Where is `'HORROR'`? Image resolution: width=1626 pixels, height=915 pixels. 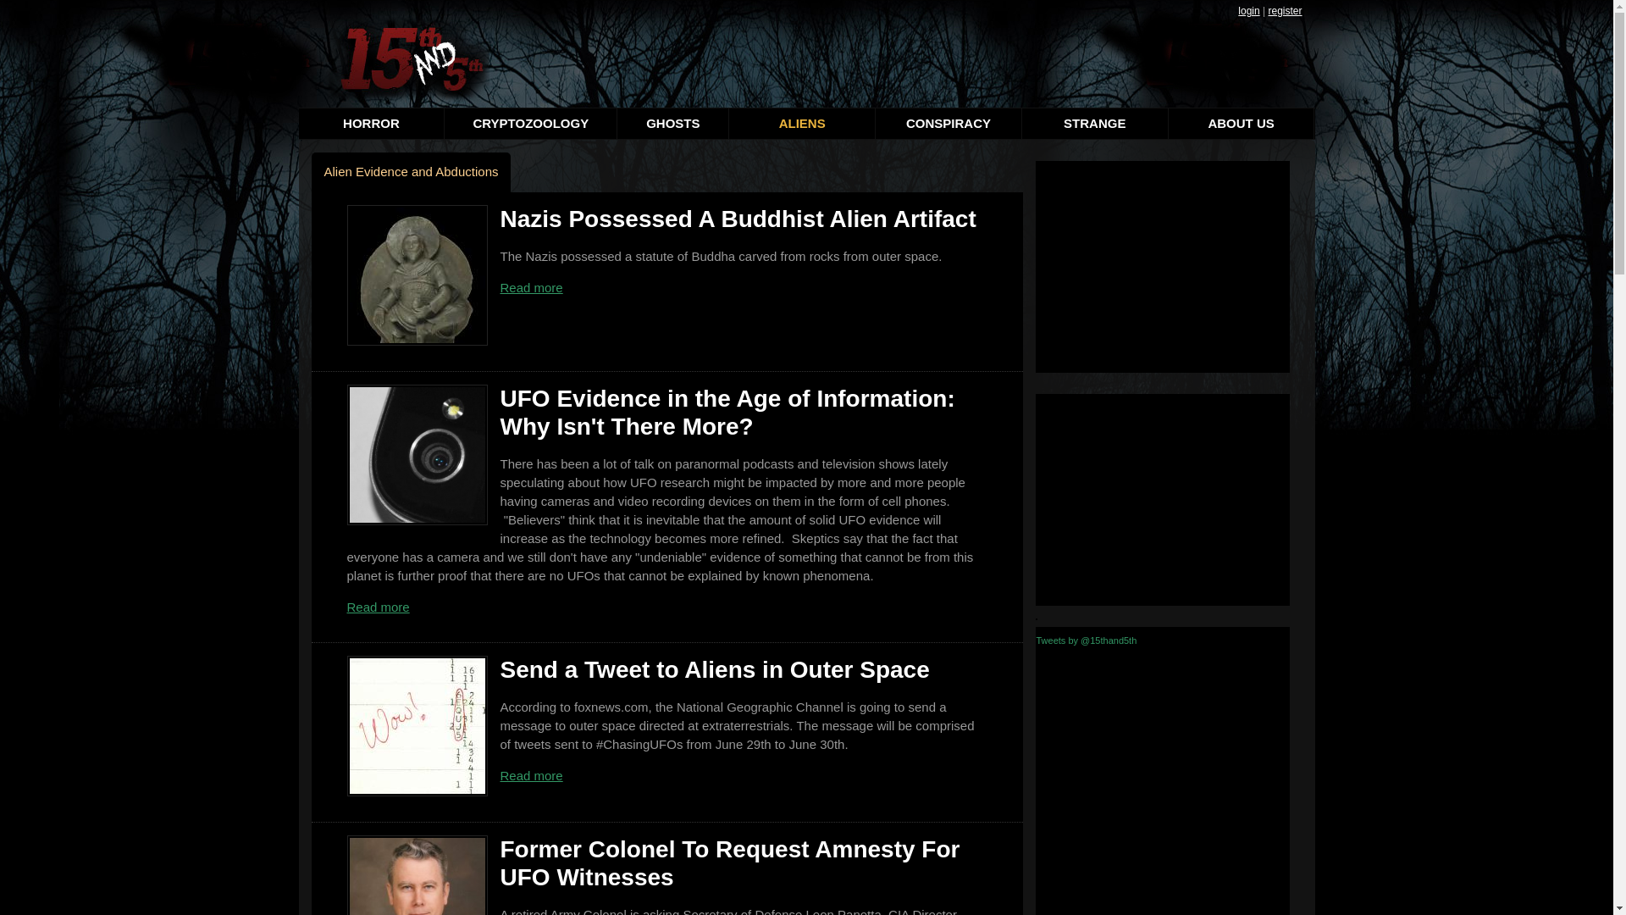
'HORROR' is located at coordinates (297, 123).